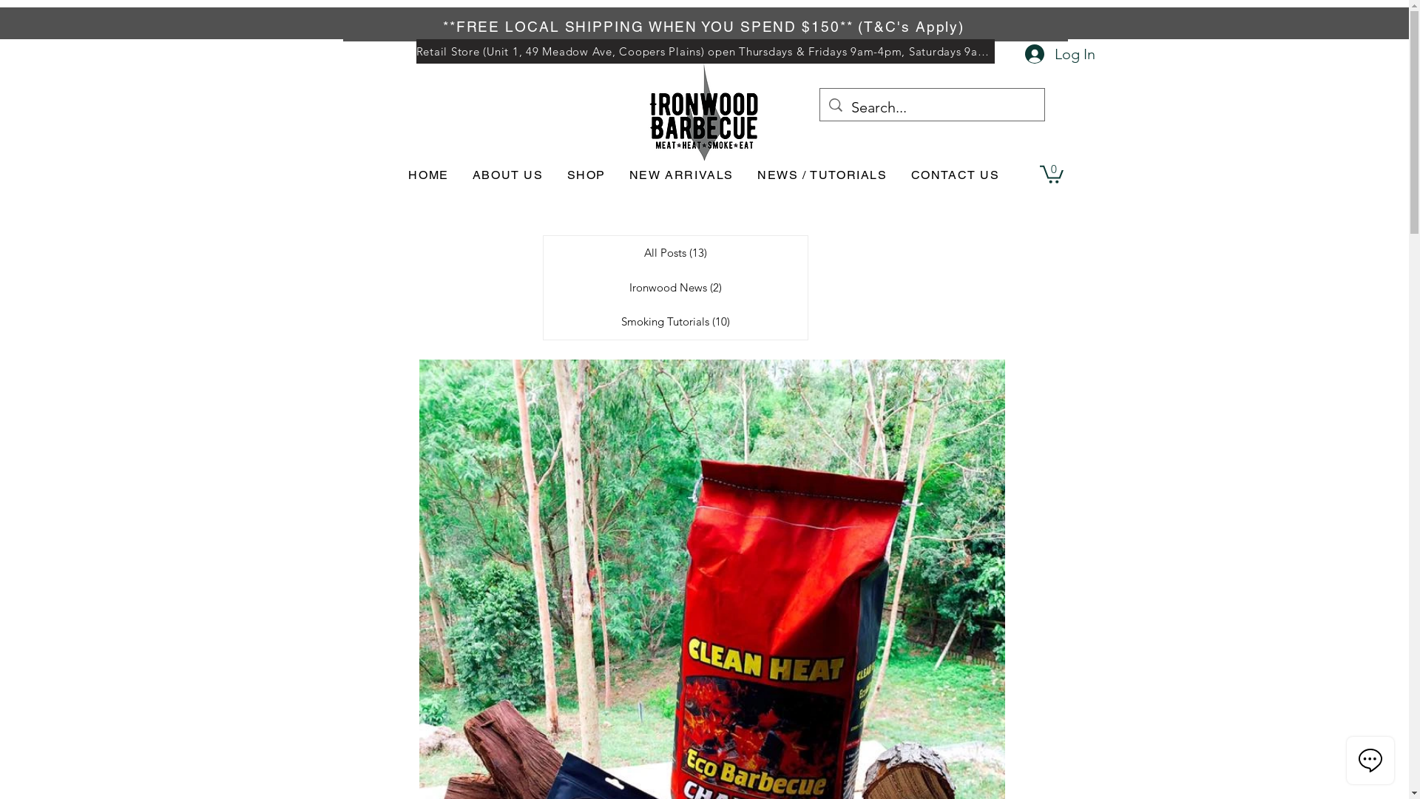 This screenshot has width=1420, height=799. I want to click on 'SHOP', so click(557, 175).